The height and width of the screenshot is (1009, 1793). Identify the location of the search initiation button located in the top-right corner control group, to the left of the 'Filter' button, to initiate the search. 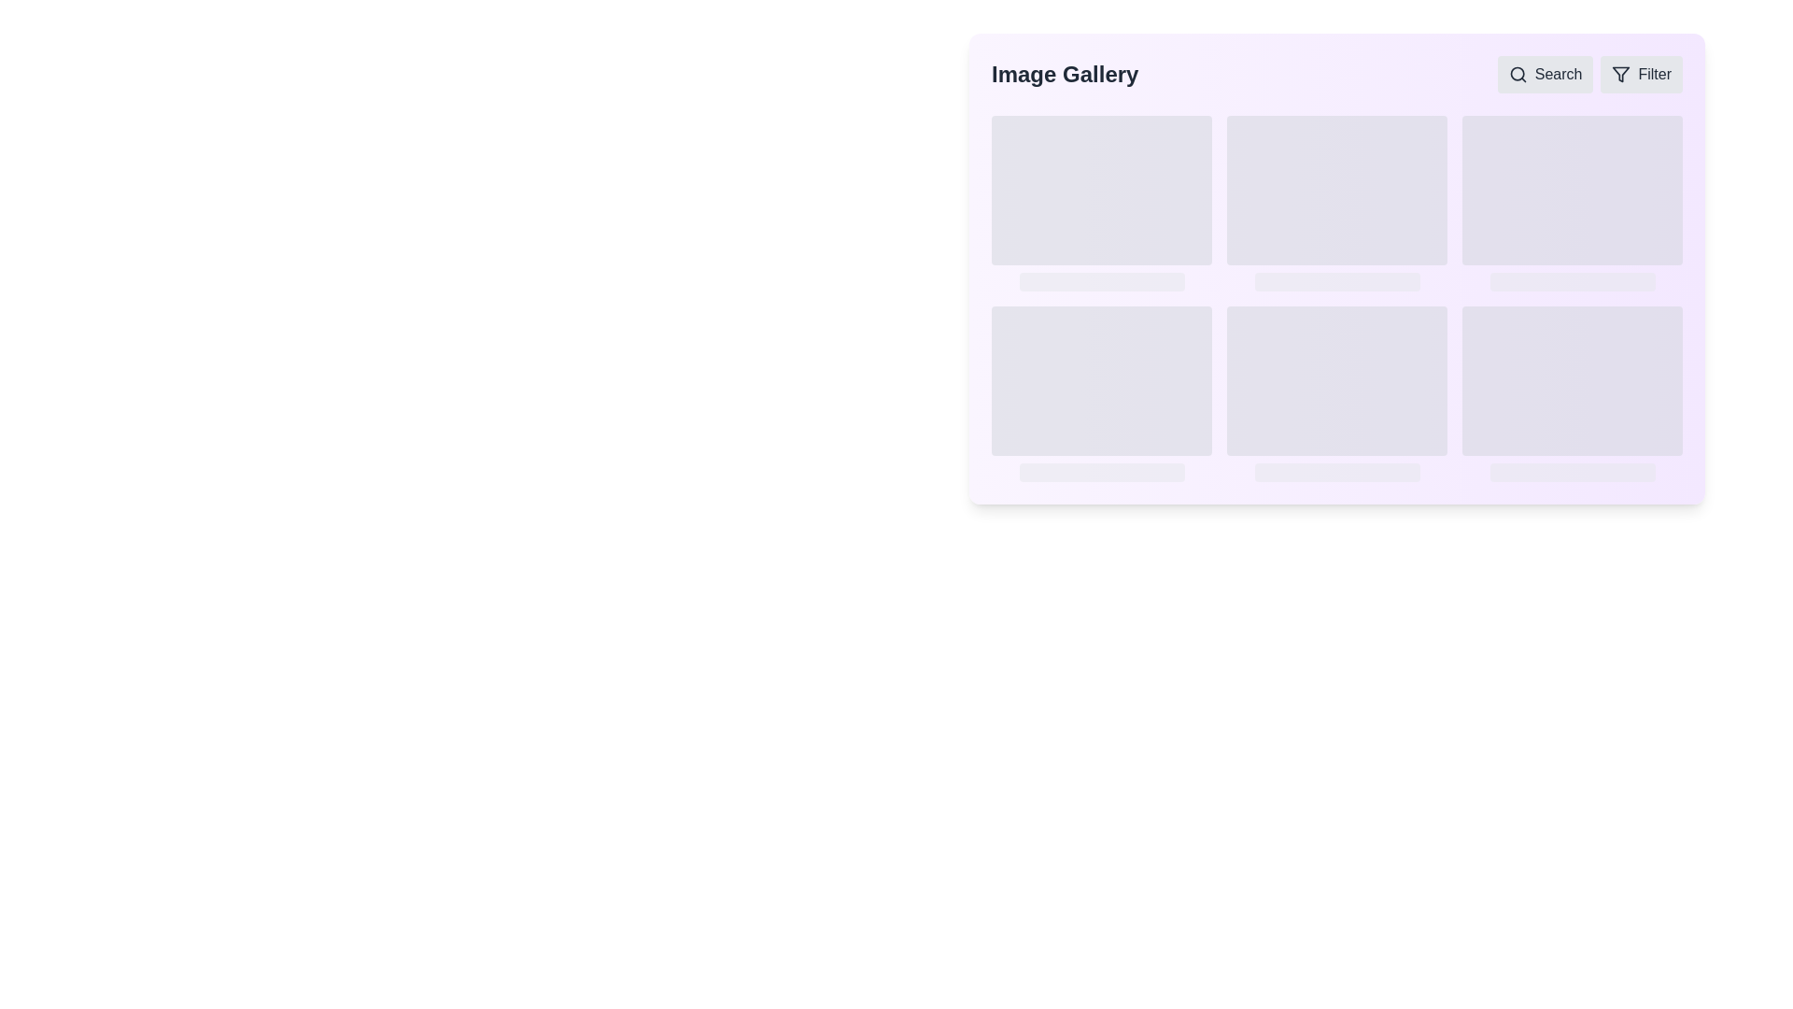
(1546, 74).